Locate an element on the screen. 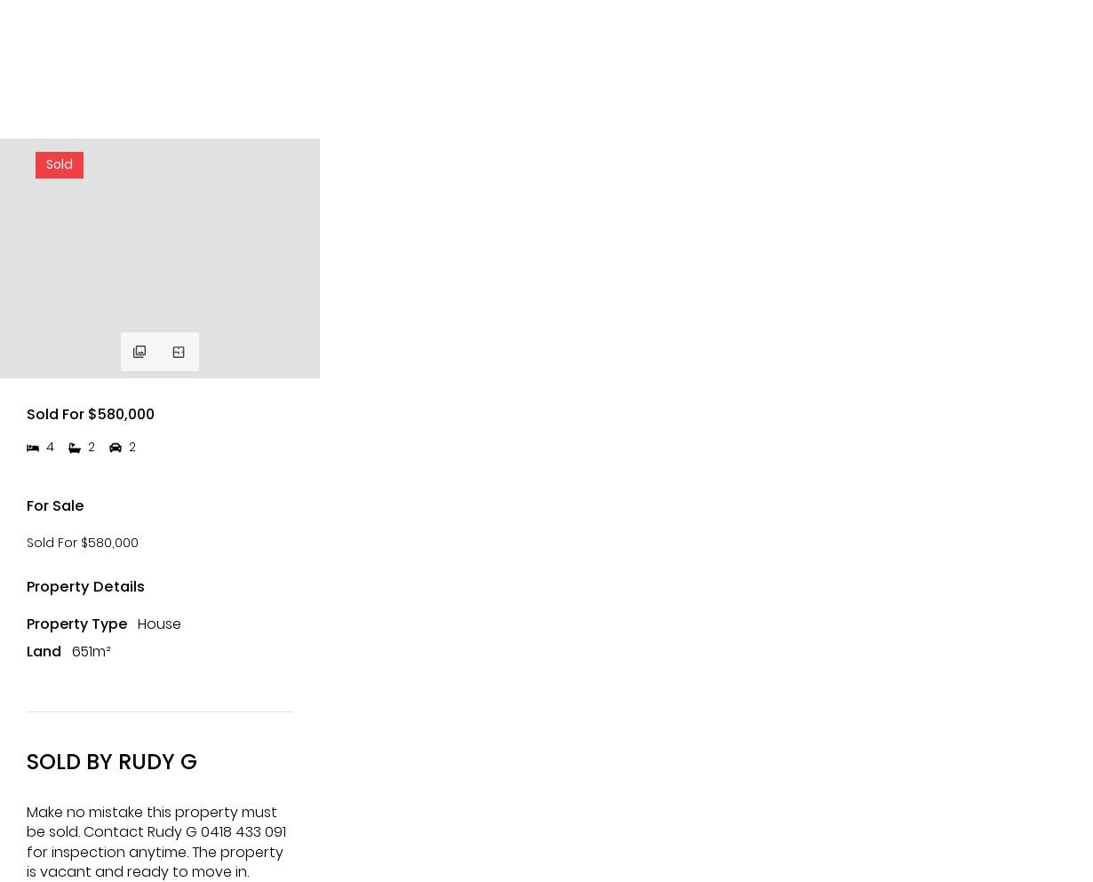 This screenshot has width=1093, height=882. 'Call (07)...' is located at coordinates (159, 161).